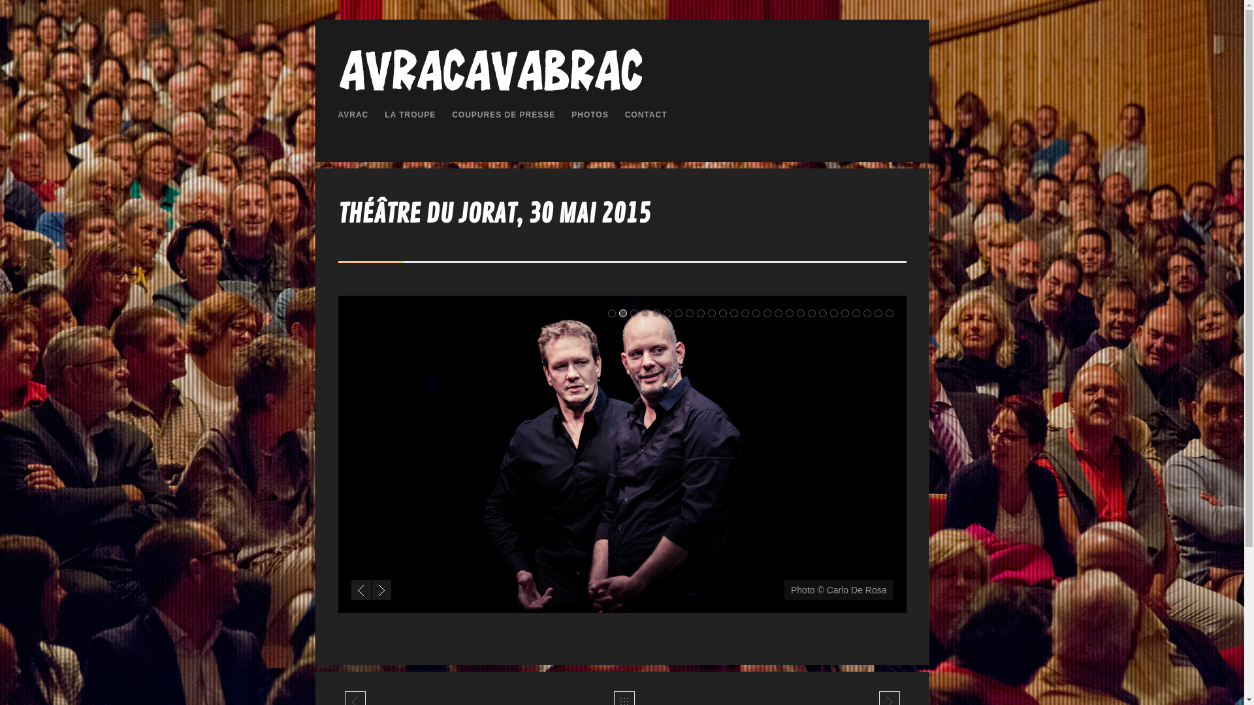 Image resolution: width=1254 pixels, height=705 pixels. Describe the element at coordinates (784, 313) in the screenshot. I see `'17'` at that location.